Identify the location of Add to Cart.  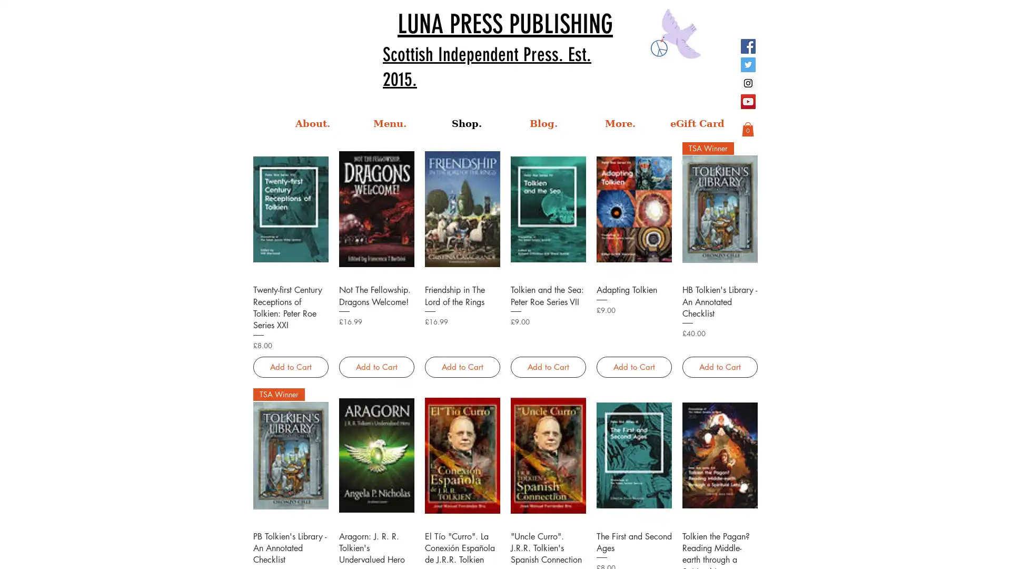
(719, 366).